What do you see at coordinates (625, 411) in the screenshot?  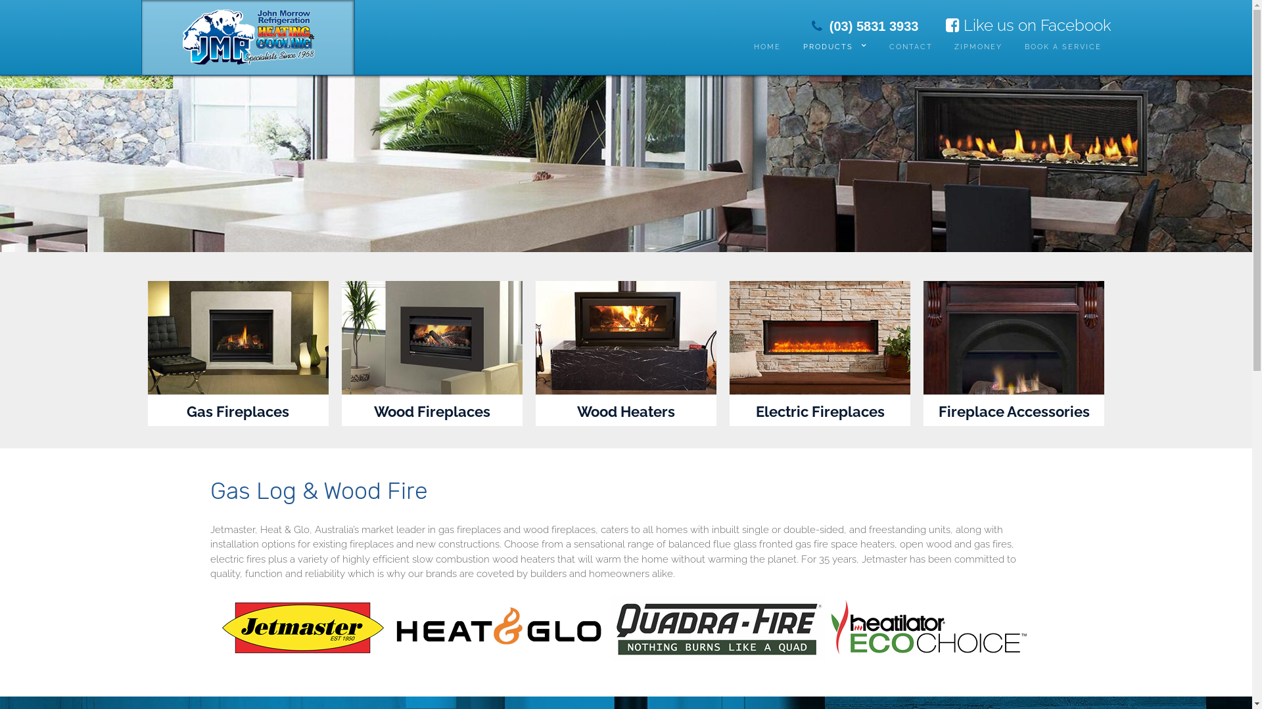 I see `'Wood Heaters'` at bounding box center [625, 411].